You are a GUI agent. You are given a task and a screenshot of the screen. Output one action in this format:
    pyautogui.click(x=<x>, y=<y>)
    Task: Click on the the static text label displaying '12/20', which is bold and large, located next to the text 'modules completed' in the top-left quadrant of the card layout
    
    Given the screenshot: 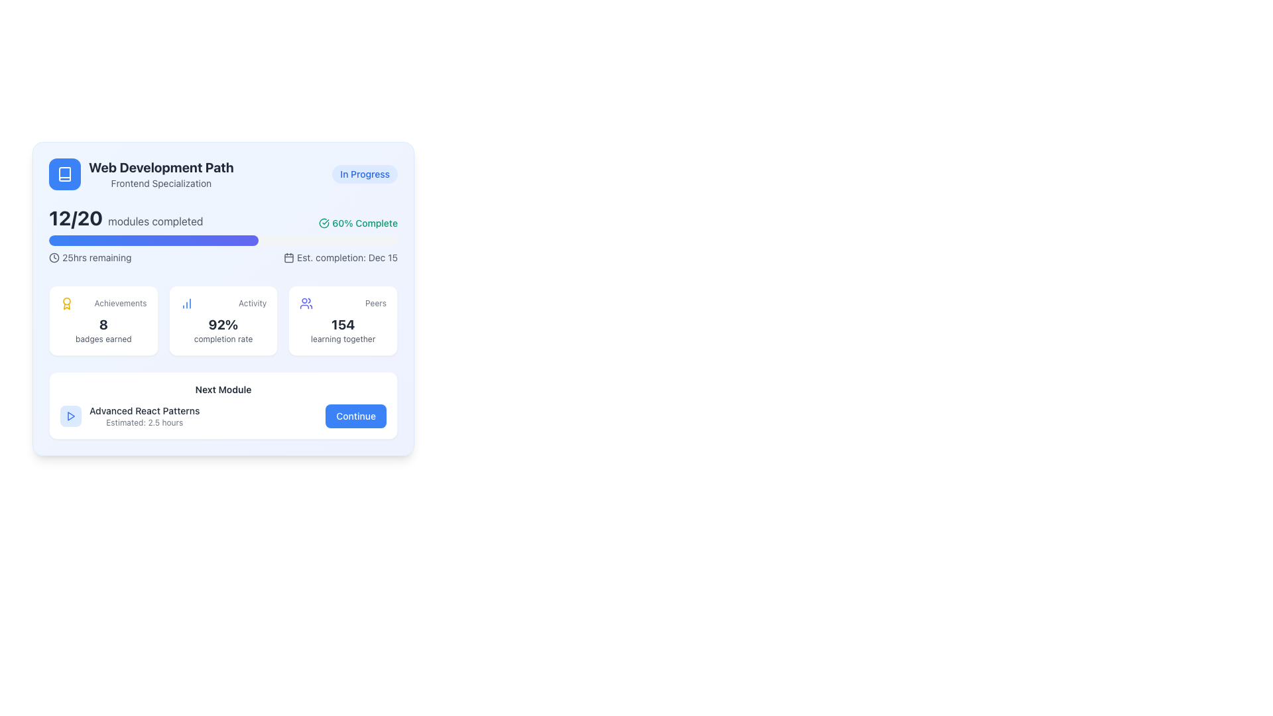 What is the action you would take?
    pyautogui.click(x=75, y=217)
    